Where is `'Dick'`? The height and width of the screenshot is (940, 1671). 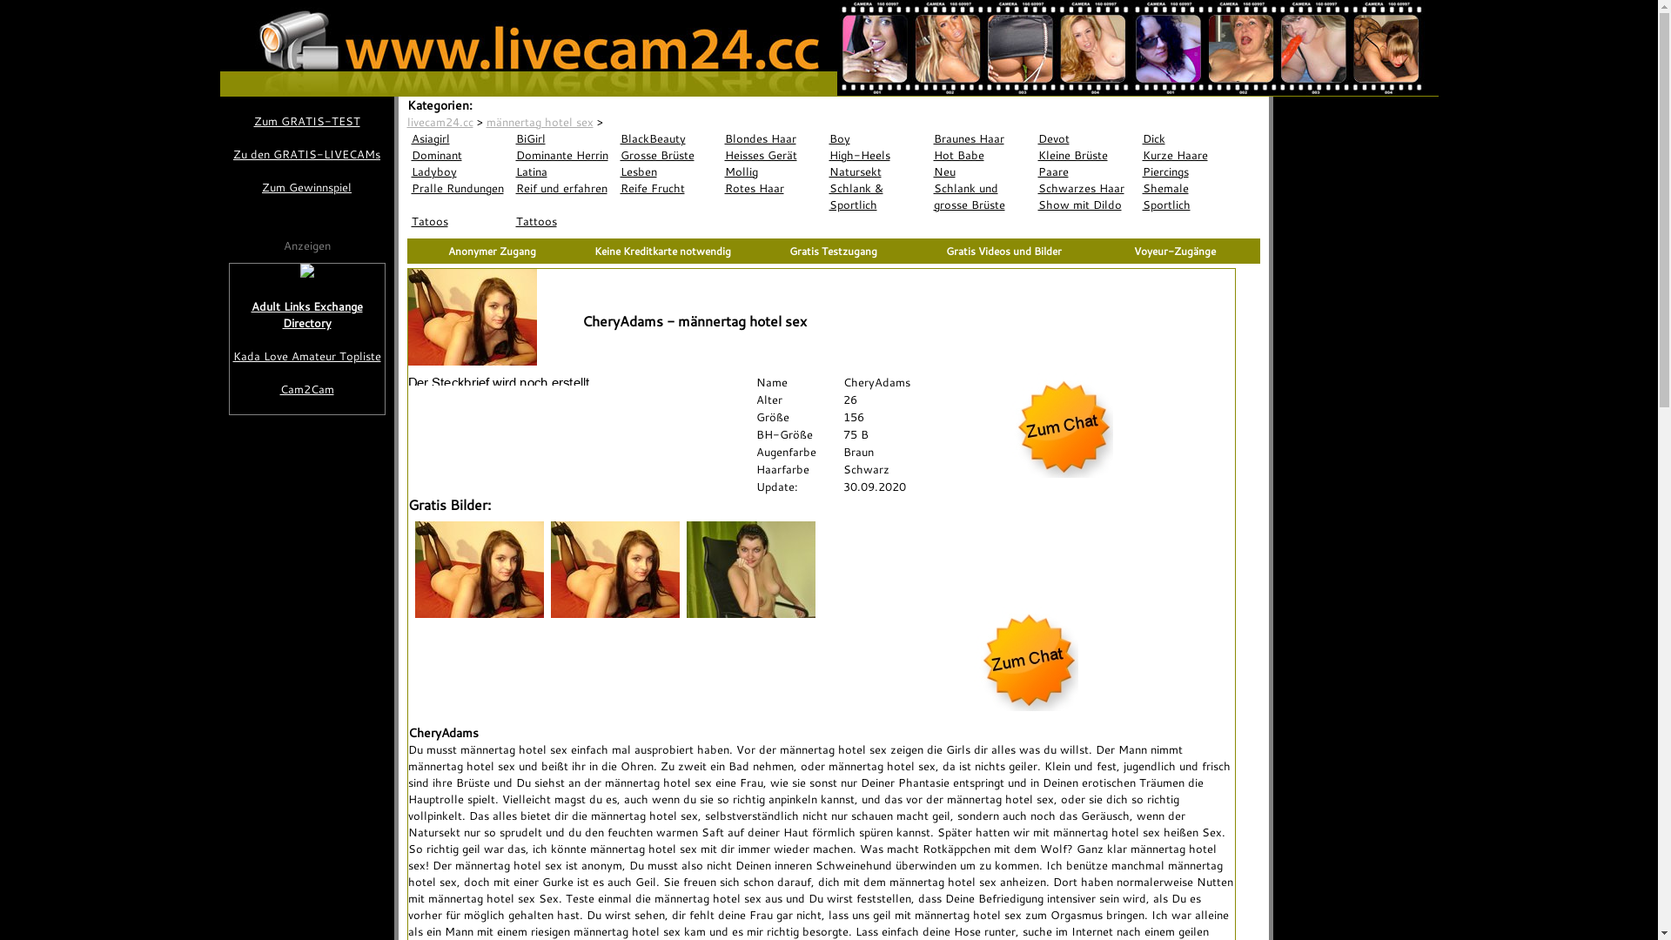 'Dick' is located at coordinates (1190, 138).